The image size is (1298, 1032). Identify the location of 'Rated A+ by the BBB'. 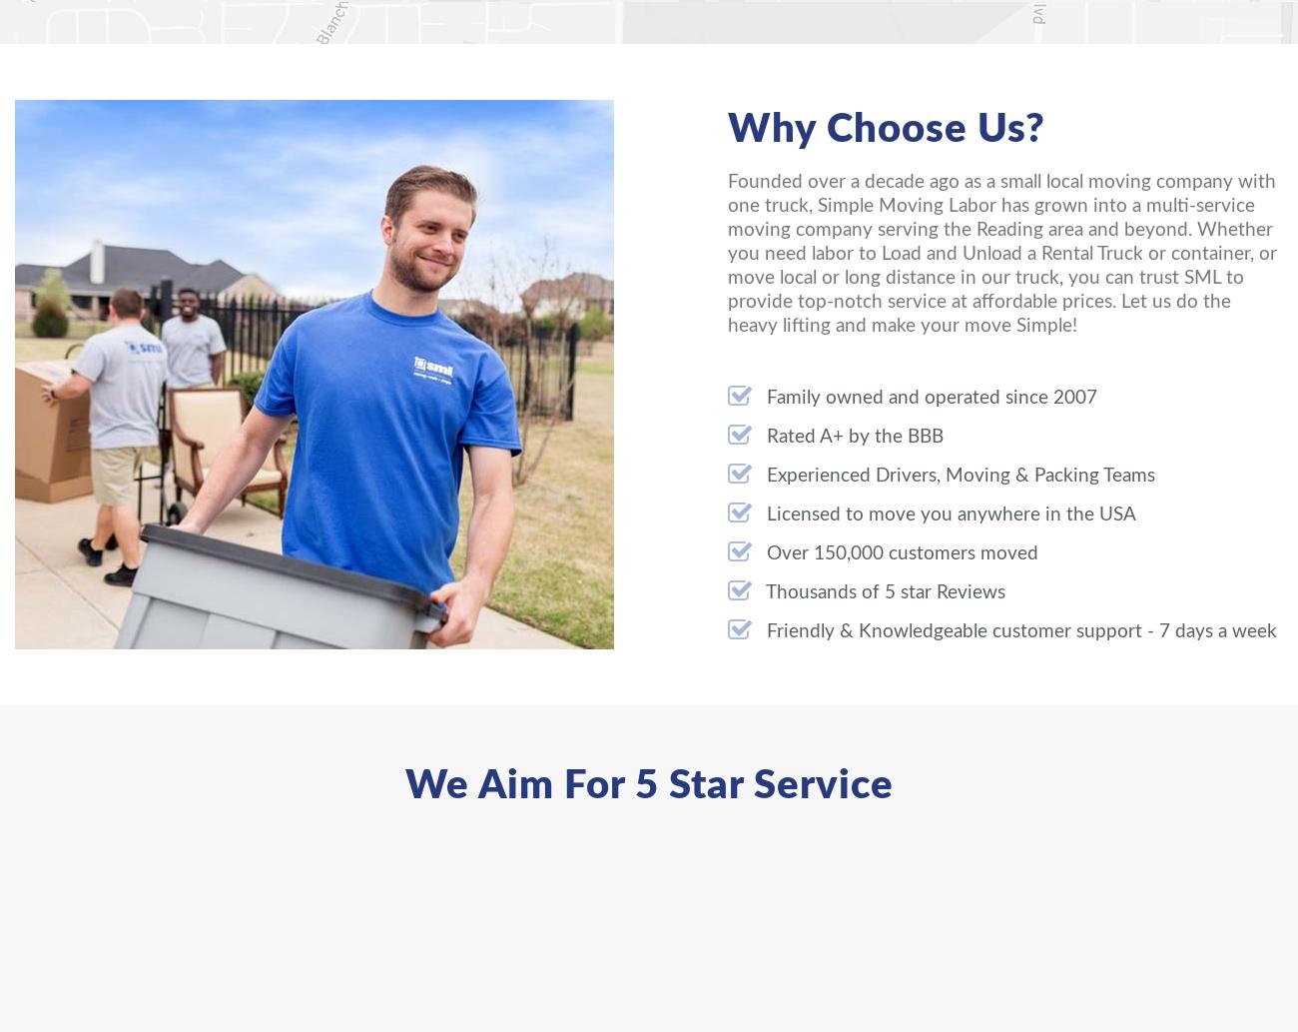
(852, 436).